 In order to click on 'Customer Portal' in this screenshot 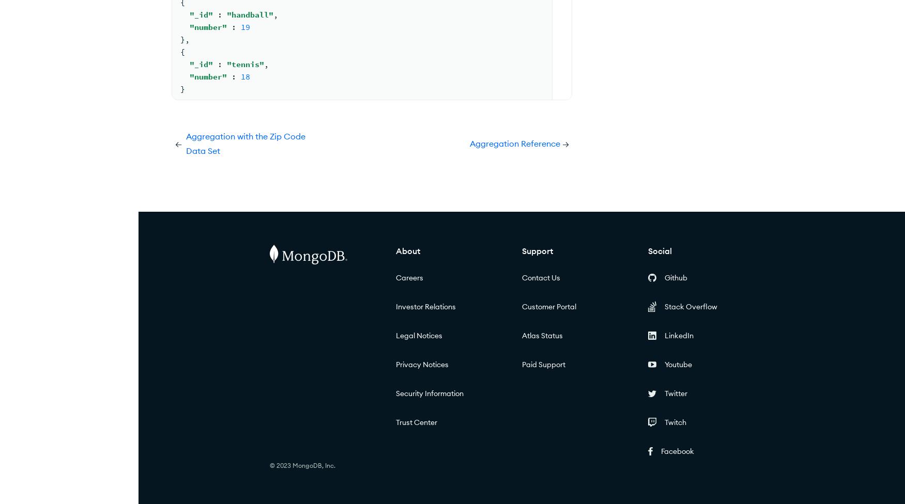, I will do `click(548, 306)`.